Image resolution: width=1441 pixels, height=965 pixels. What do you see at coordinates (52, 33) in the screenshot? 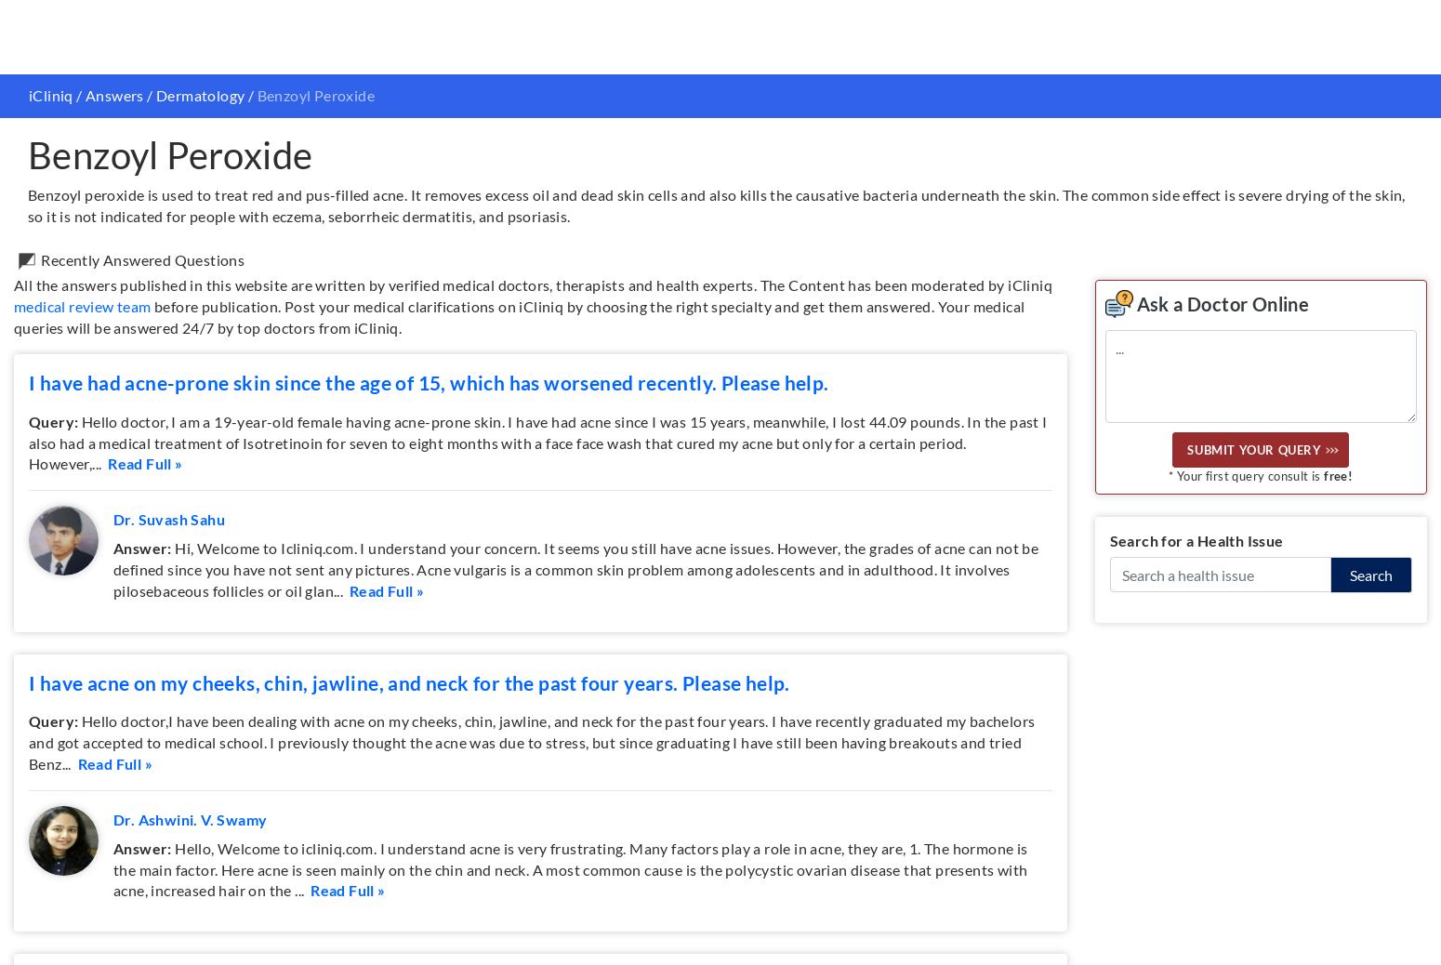
I see `'Query:'` at bounding box center [52, 33].